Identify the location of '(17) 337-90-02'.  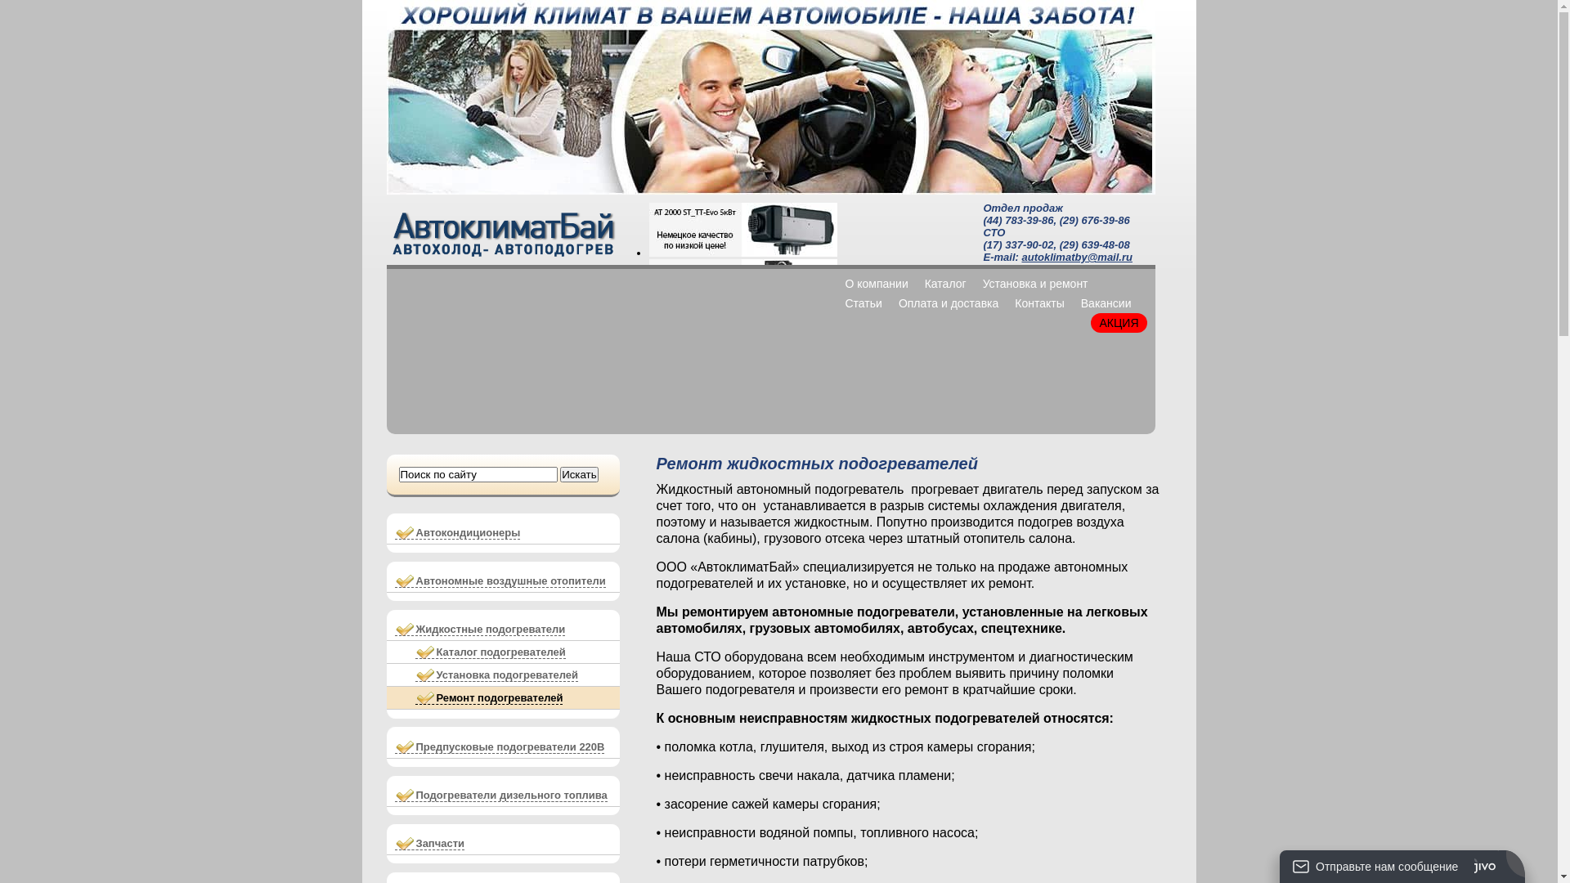
(981, 244).